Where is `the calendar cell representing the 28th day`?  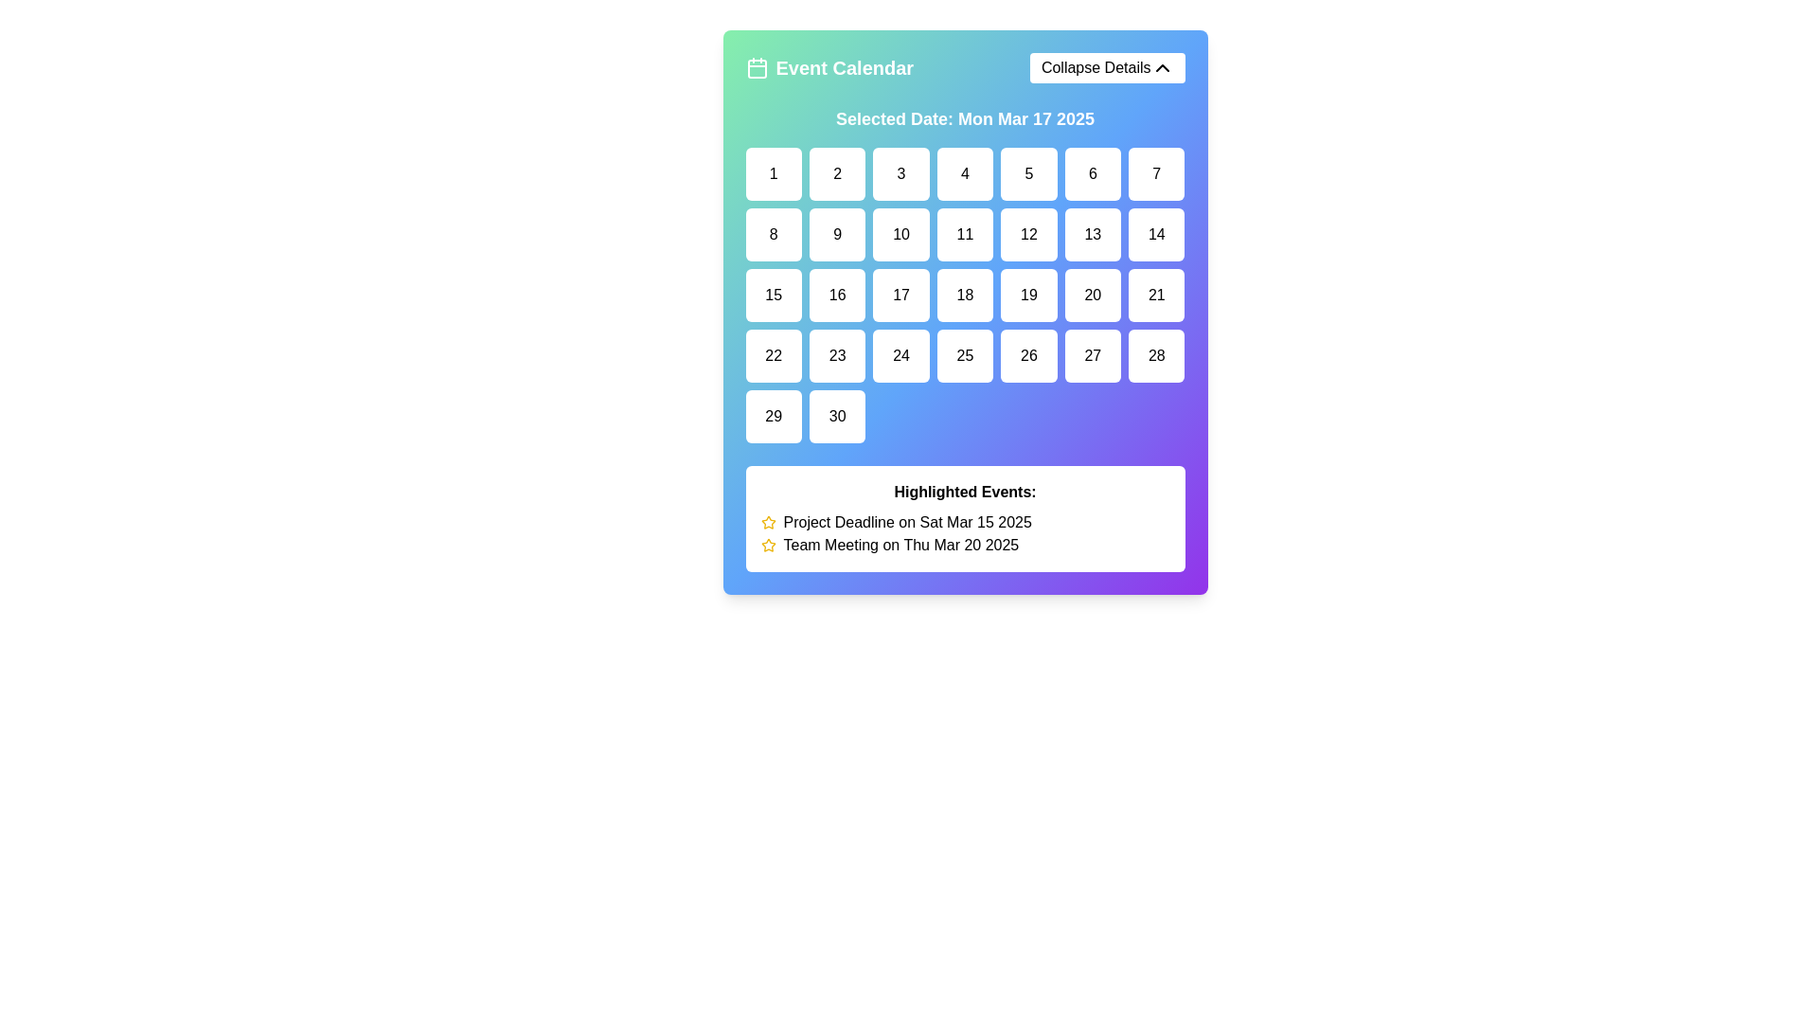 the calendar cell representing the 28th day is located at coordinates (1155, 355).